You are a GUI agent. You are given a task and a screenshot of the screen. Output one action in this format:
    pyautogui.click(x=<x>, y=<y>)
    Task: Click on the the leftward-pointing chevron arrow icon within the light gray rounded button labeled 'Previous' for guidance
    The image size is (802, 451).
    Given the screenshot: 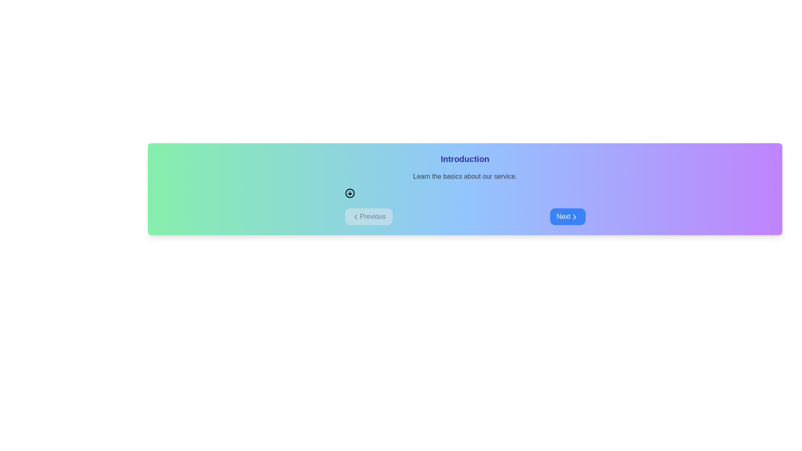 What is the action you would take?
    pyautogui.click(x=355, y=216)
    